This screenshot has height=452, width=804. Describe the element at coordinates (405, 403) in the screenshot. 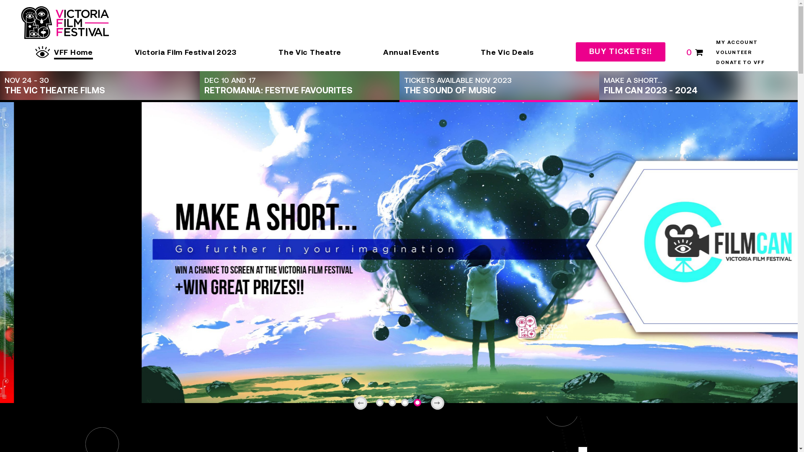

I see `'3'` at that location.